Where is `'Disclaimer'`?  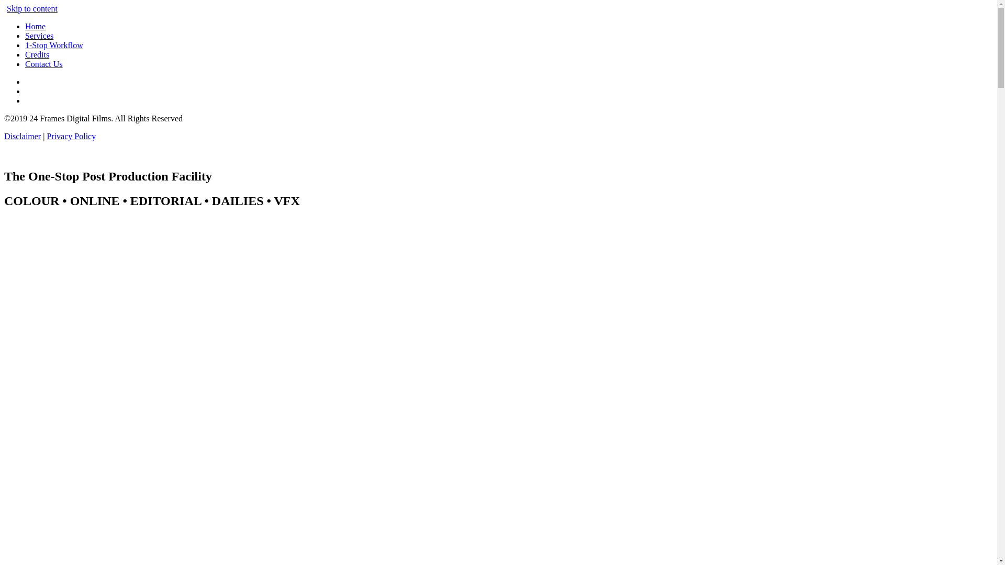
'Disclaimer' is located at coordinates (4, 135).